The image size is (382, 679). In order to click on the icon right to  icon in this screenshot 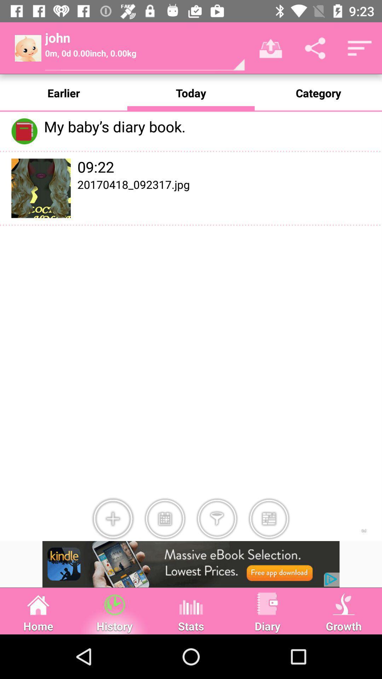, I will do `click(165, 519)`.